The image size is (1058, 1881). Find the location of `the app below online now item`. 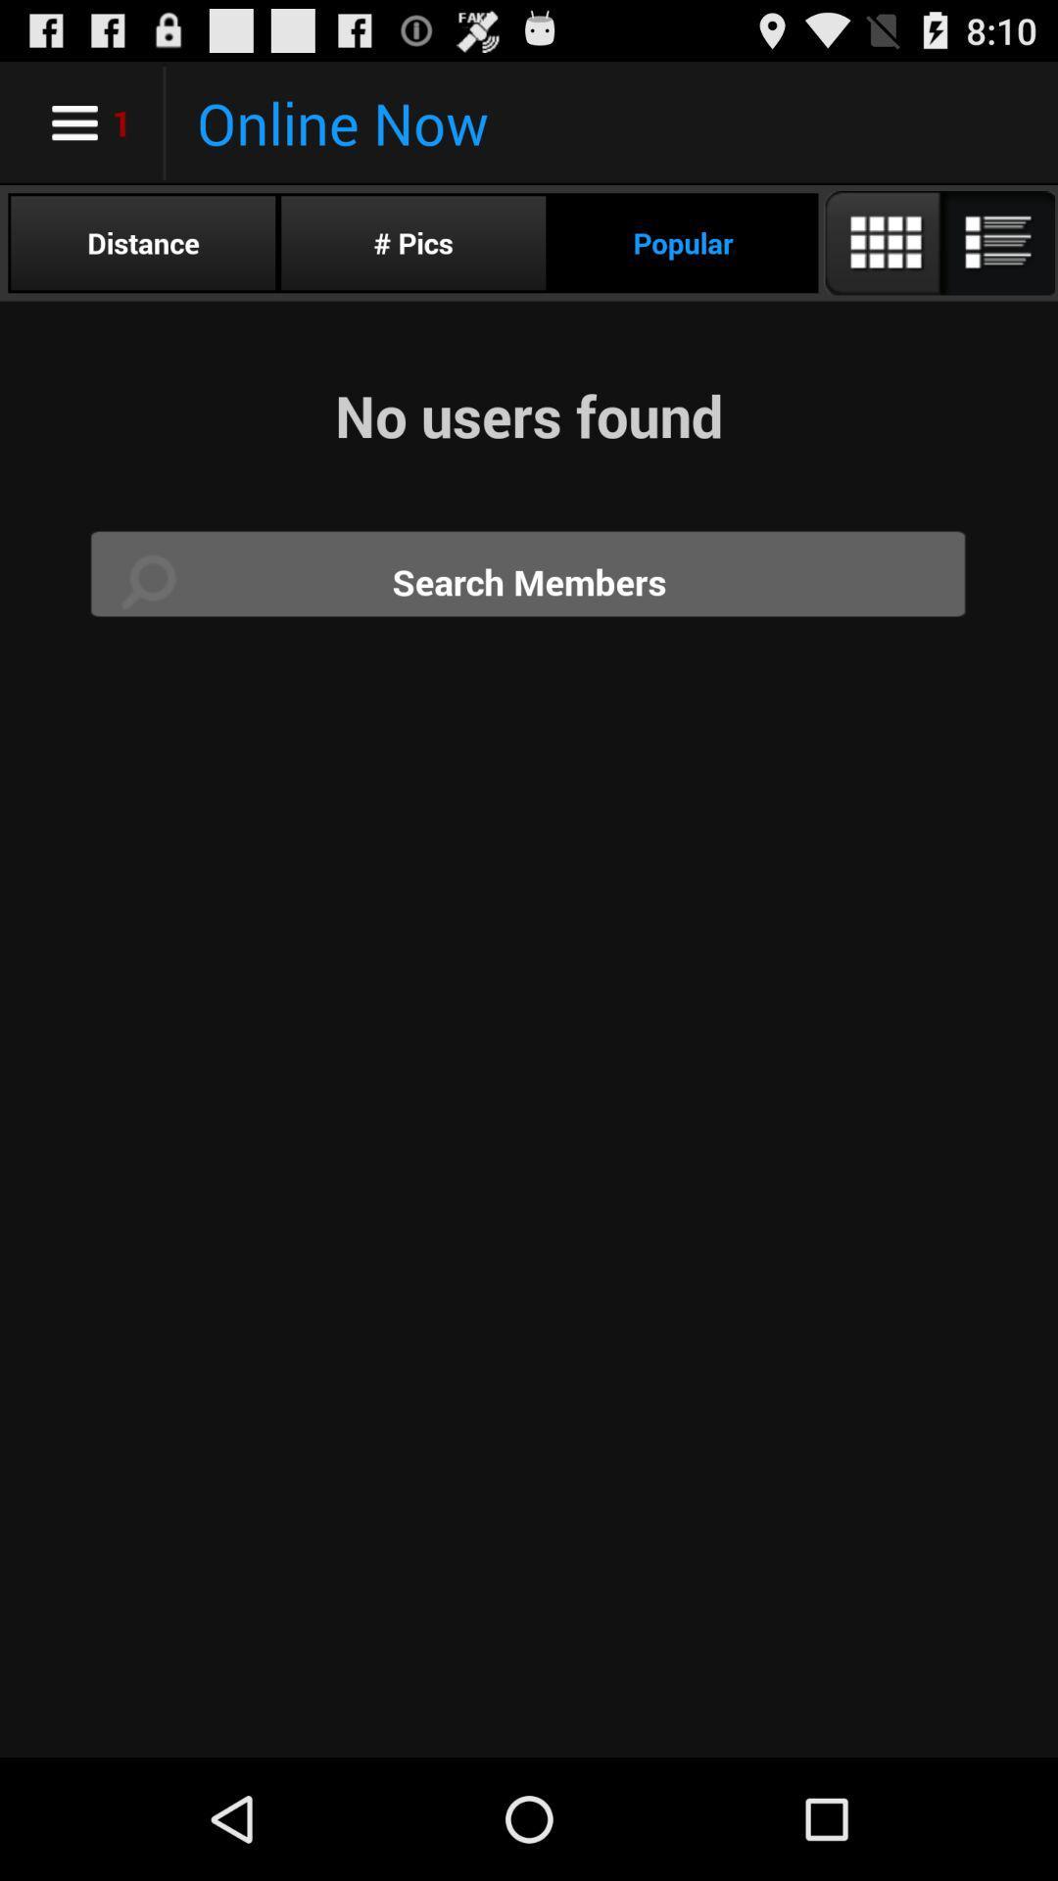

the app below online now item is located at coordinates (412, 242).